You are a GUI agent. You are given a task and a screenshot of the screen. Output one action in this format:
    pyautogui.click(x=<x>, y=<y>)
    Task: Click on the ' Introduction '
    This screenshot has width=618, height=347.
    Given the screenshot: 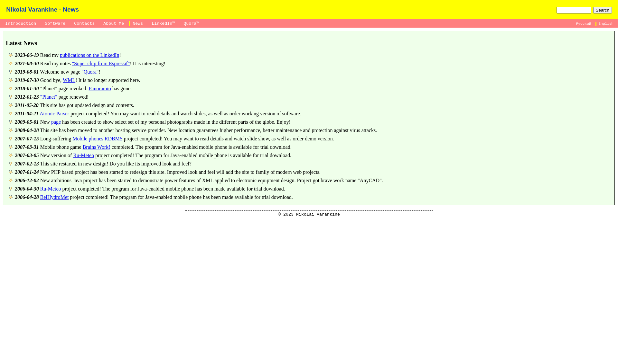 What is the action you would take?
    pyautogui.click(x=1, y=23)
    